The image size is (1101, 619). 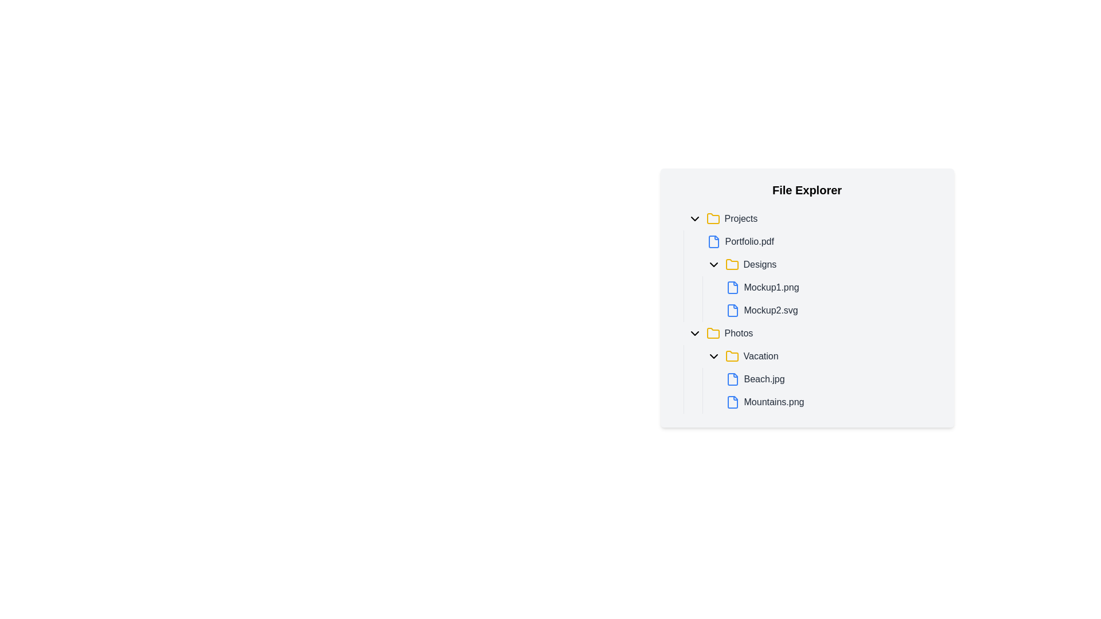 What do you see at coordinates (741, 218) in the screenshot?
I see `the text label 'Projects' styled in gray, located to the immediate right of the yellow folder icon in the file explorer interface` at bounding box center [741, 218].